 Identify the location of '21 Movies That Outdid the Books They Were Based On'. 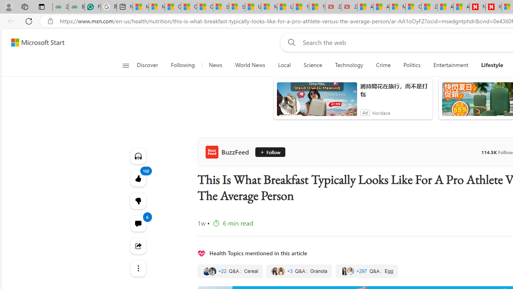
(349, 7).